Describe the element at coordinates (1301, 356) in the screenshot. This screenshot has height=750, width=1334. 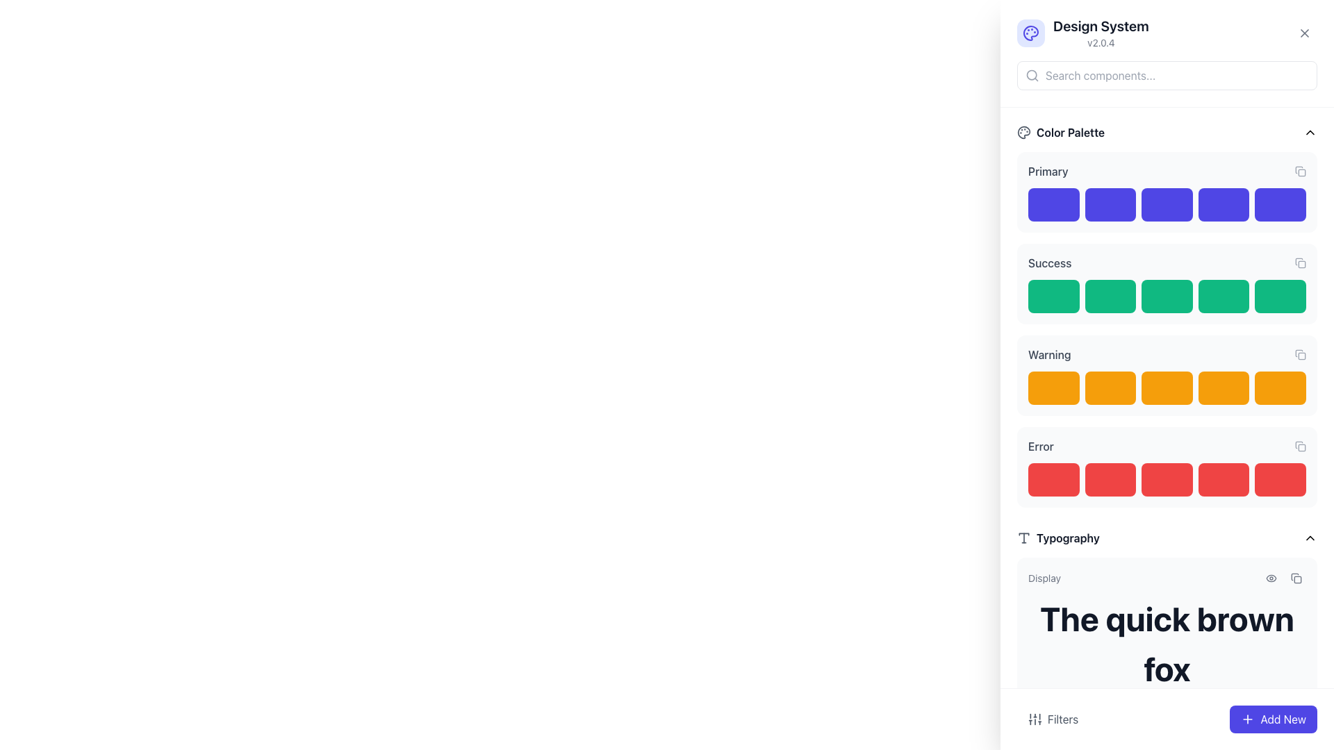
I see `the smaller rectangle sub-component of the 'copy' icon located near the right-hand side of the interface, adjacent to the 'Warning' palette section` at that location.